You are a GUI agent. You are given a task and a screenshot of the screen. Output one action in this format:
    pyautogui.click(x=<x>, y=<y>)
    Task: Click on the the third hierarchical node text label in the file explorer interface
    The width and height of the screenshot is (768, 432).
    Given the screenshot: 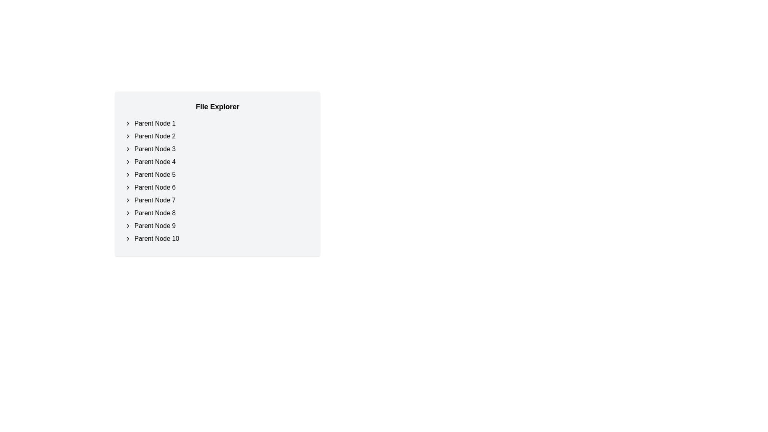 What is the action you would take?
    pyautogui.click(x=155, y=149)
    